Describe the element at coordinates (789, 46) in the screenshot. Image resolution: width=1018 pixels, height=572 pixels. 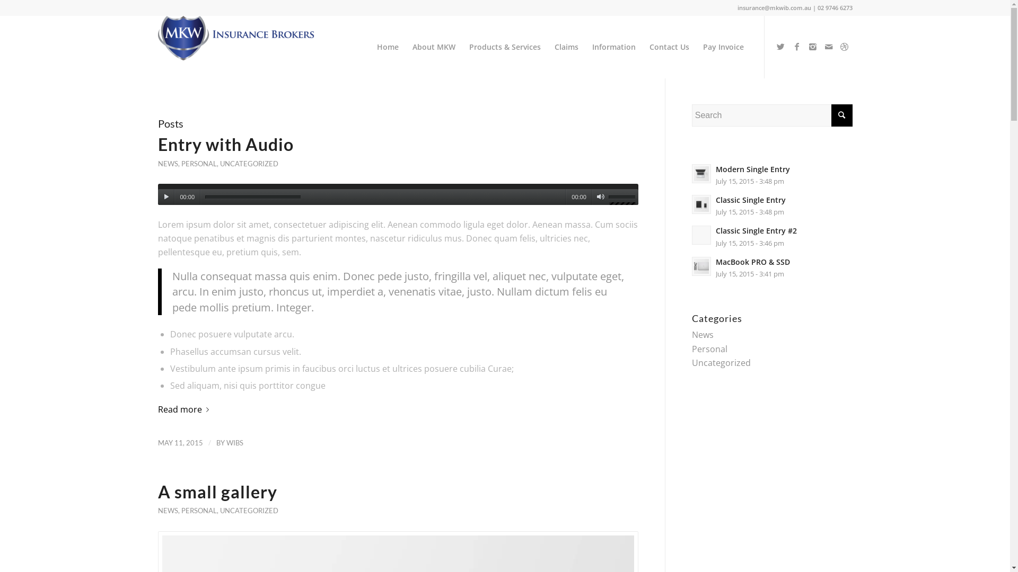
I see `'Facebook'` at that location.